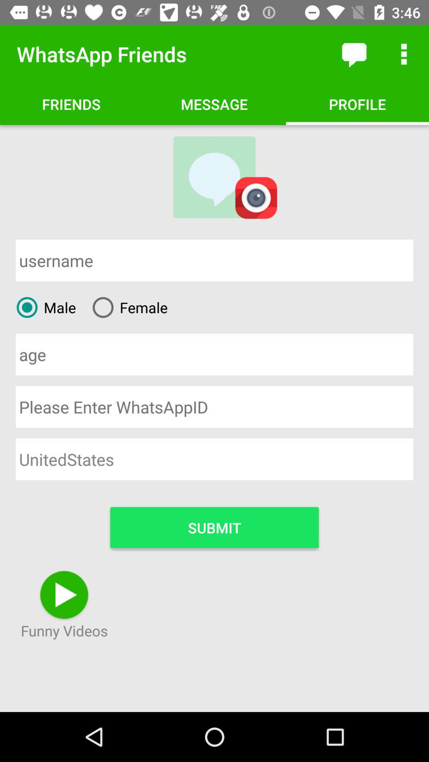 Image resolution: width=429 pixels, height=762 pixels. I want to click on the female, so click(126, 307).